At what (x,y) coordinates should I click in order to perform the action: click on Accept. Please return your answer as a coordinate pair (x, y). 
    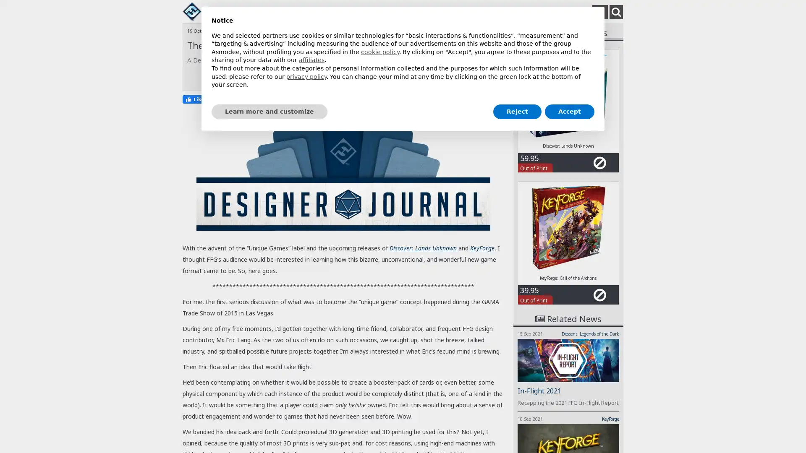
    Looking at the image, I should click on (570, 111).